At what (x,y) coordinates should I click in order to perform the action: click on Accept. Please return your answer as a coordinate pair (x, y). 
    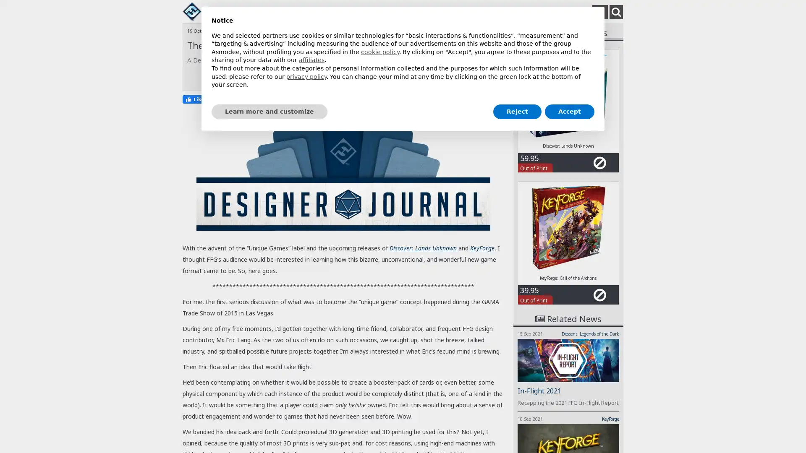
    Looking at the image, I should click on (570, 111).